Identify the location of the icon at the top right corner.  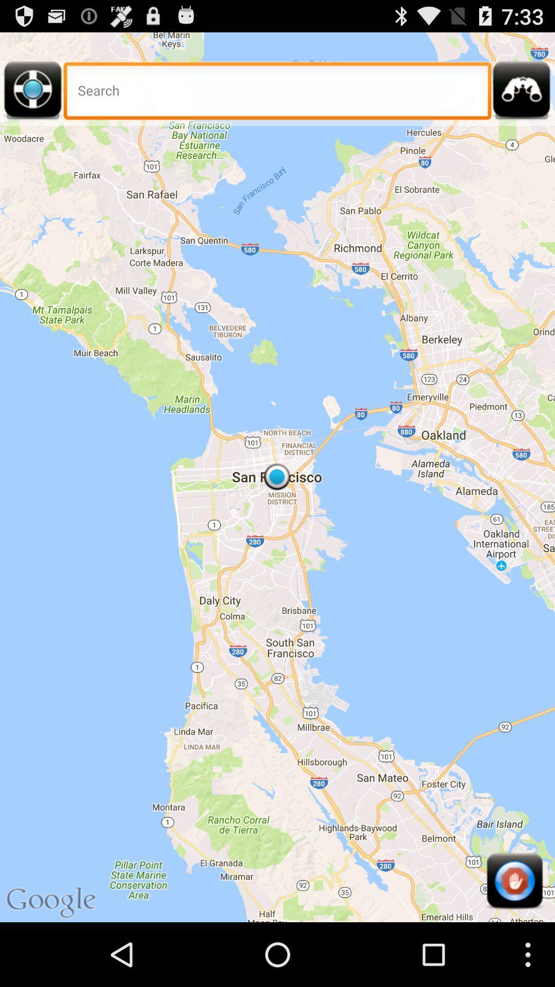
(522, 94).